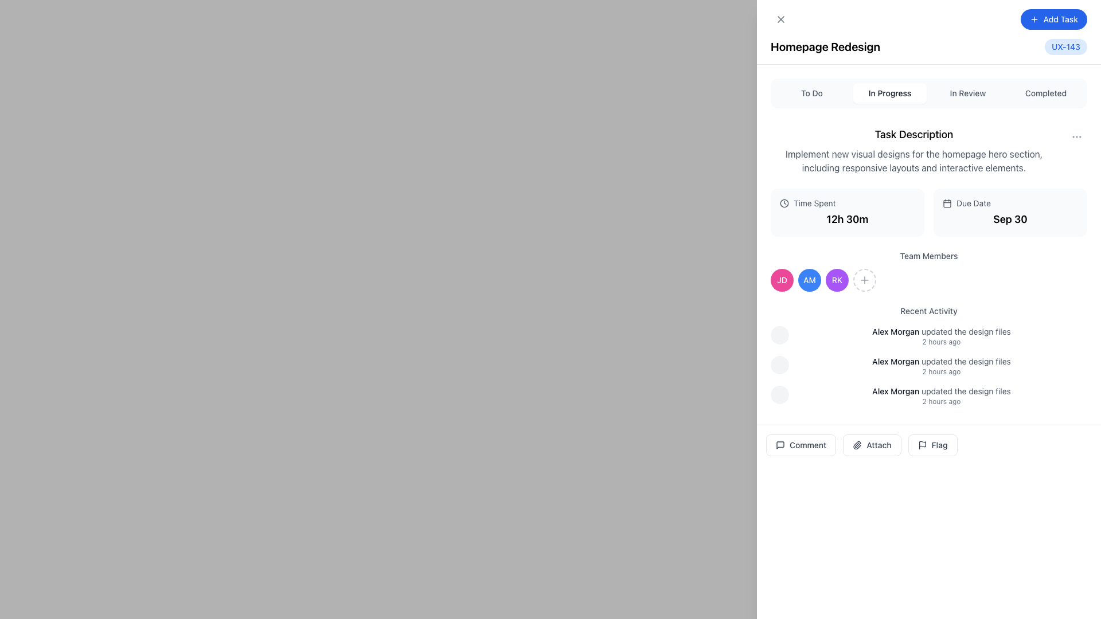 This screenshot has height=619, width=1101. I want to click on the middle list item in the 'Recent Activity' section that contains the text 'Alex Morgan updated the design files 2 hours ago', so click(929, 366).